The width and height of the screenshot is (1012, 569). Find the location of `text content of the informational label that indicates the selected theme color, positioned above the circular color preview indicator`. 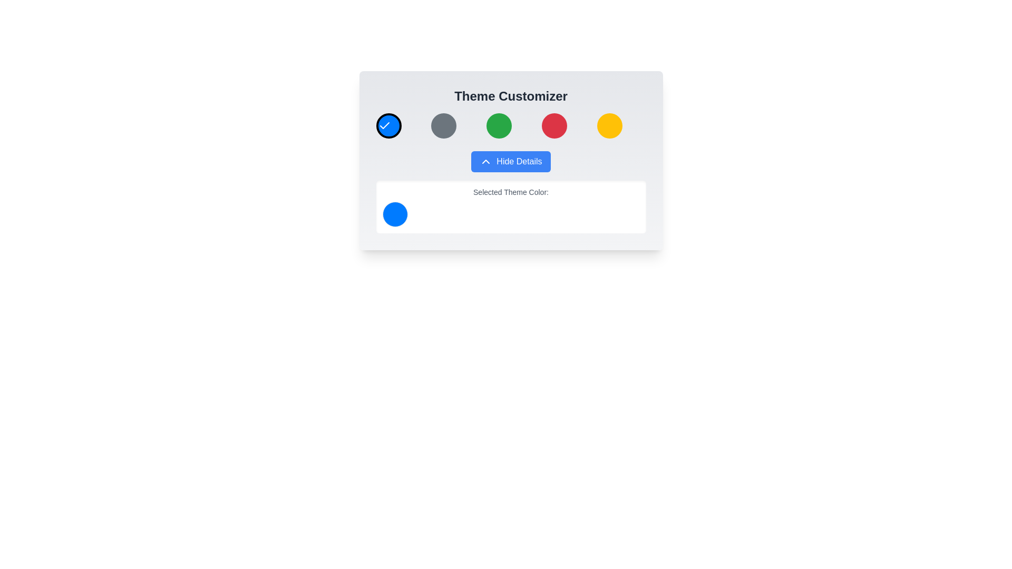

text content of the informational label that indicates the selected theme color, positioned above the circular color preview indicator is located at coordinates (511, 192).